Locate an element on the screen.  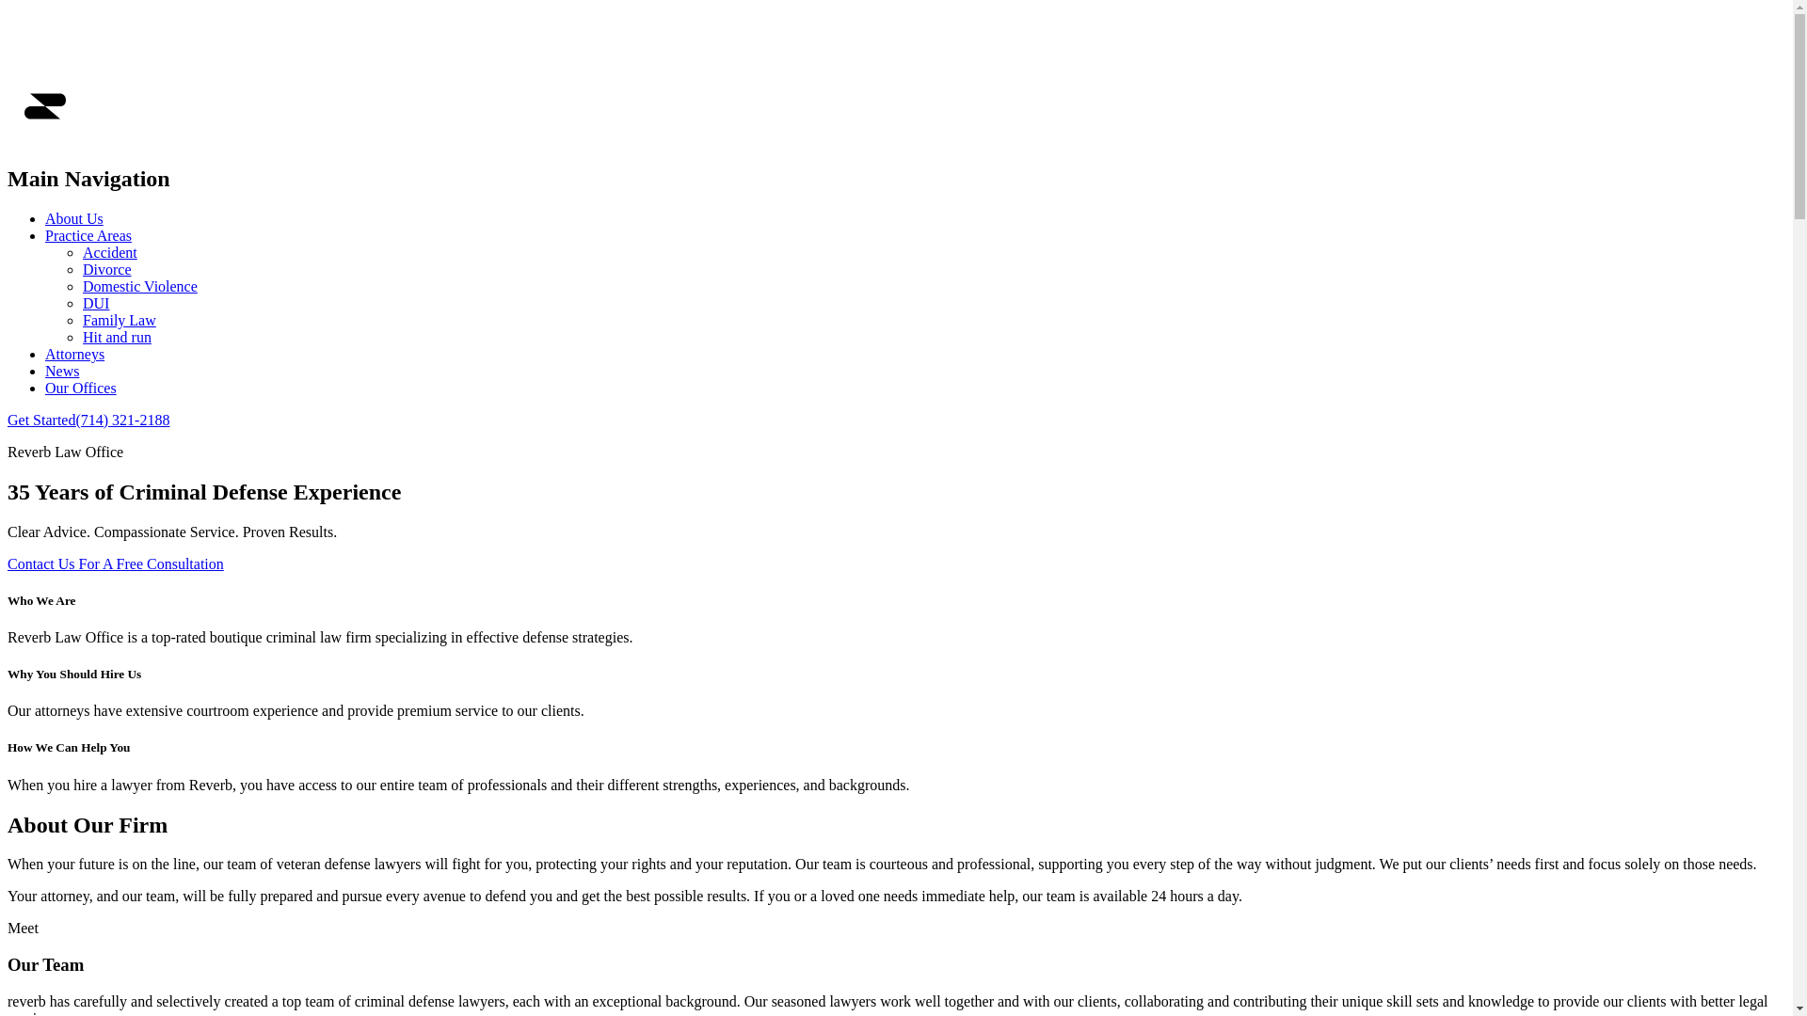
'Attorneys' is located at coordinates (45, 354).